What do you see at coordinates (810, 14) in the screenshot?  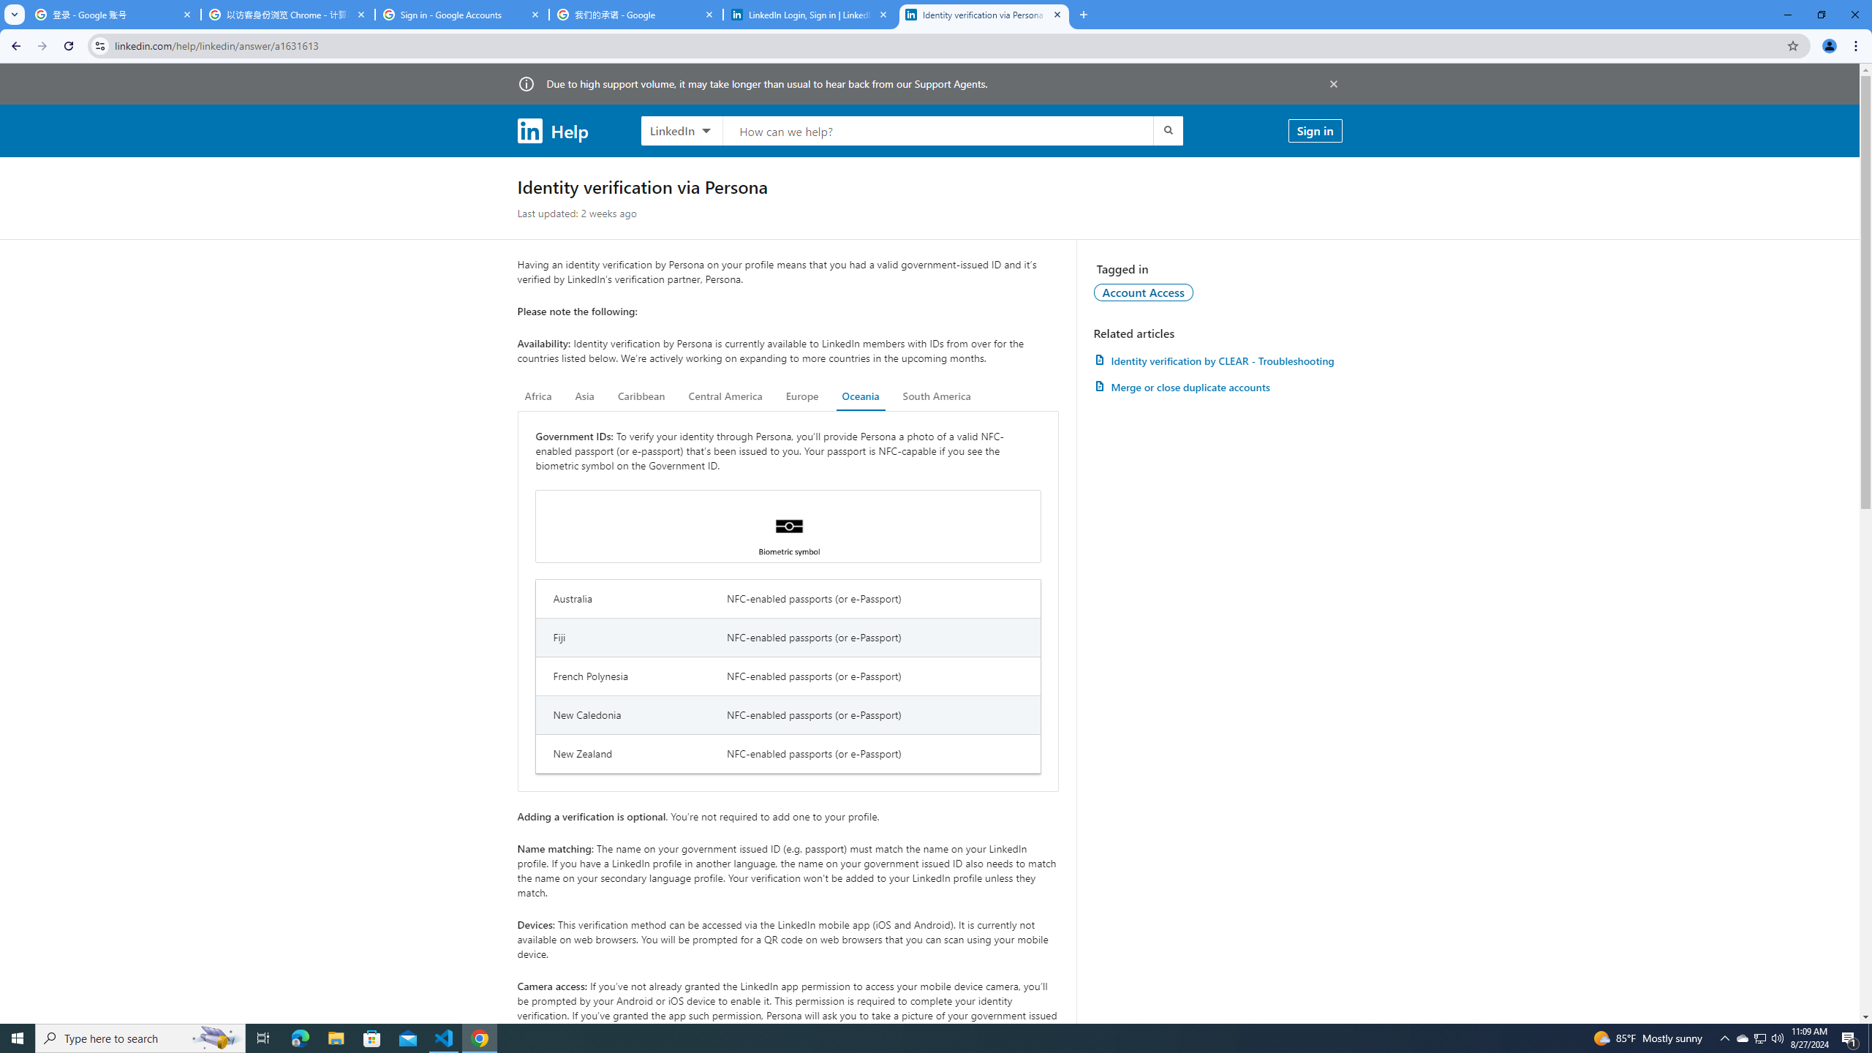 I see `'LinkedIn Login, Sign in | LinkedIn'` at bounding box center [810, 14].